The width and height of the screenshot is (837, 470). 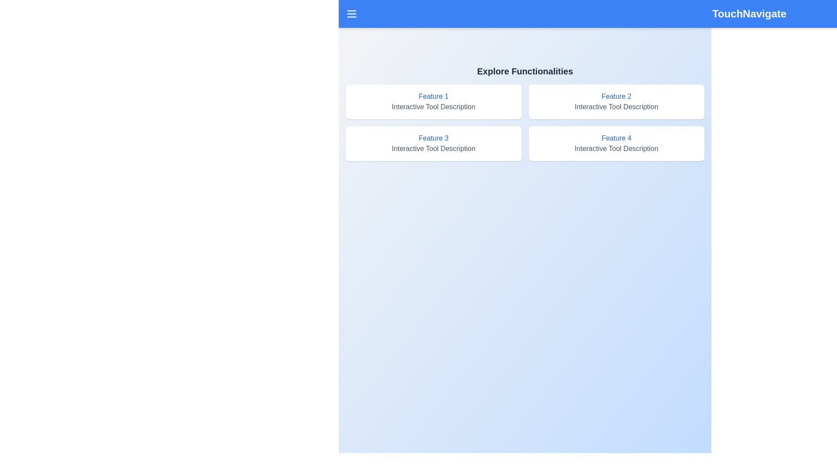 What do you see at coordinates (616, 143) in the screenshot?
I see `the 'Feature 4' box` at bounding box center [616, 143].